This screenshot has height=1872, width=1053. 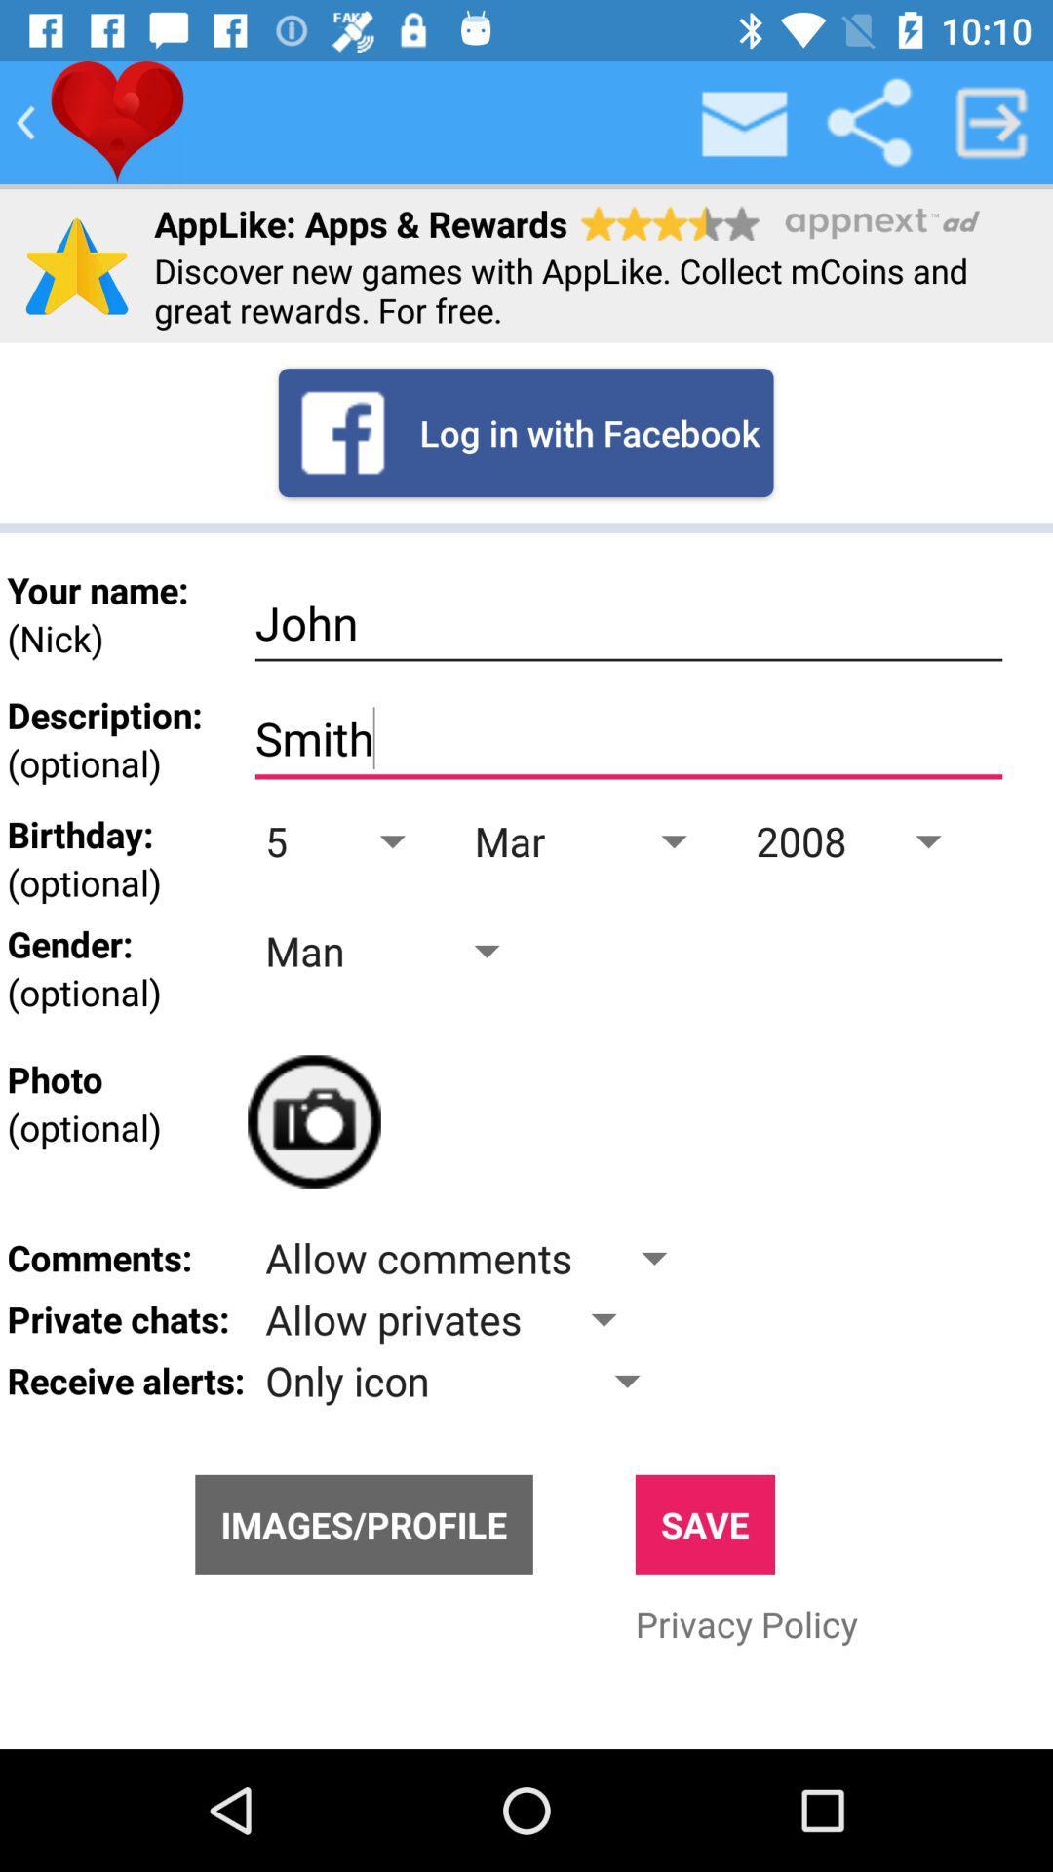 I want to click on out, so click(x=992, y=121).